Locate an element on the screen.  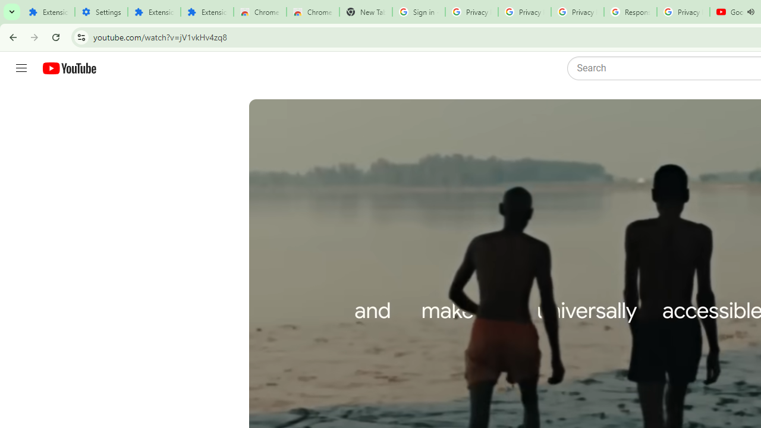
'Extensions' is located at coordinates (153, 12).